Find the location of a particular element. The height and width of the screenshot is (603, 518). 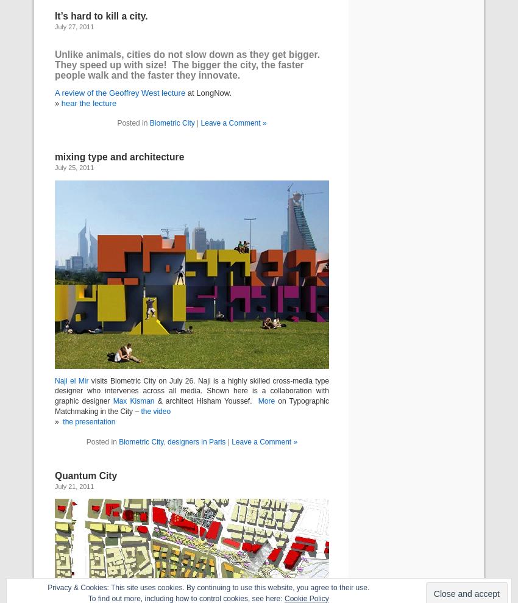

'To find out more, including how to control cookies, see here:' is located at coordinates (185, 598).